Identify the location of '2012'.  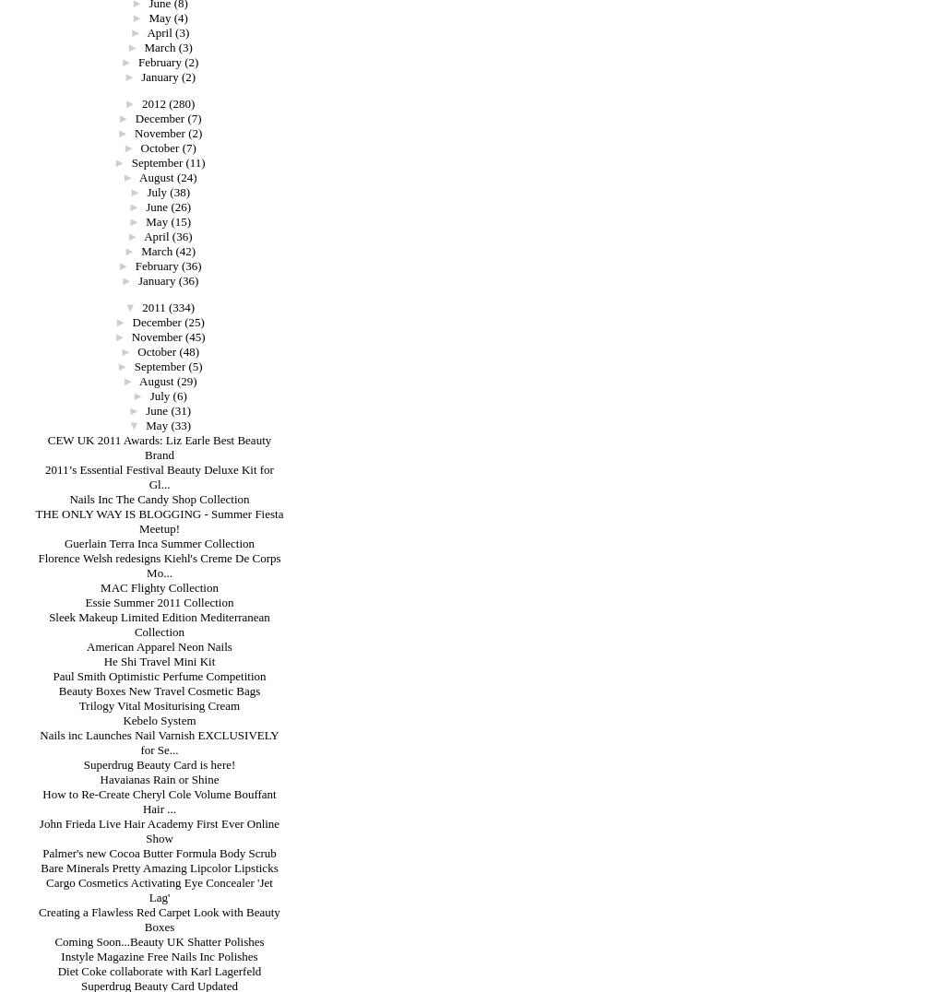
(140, 102).